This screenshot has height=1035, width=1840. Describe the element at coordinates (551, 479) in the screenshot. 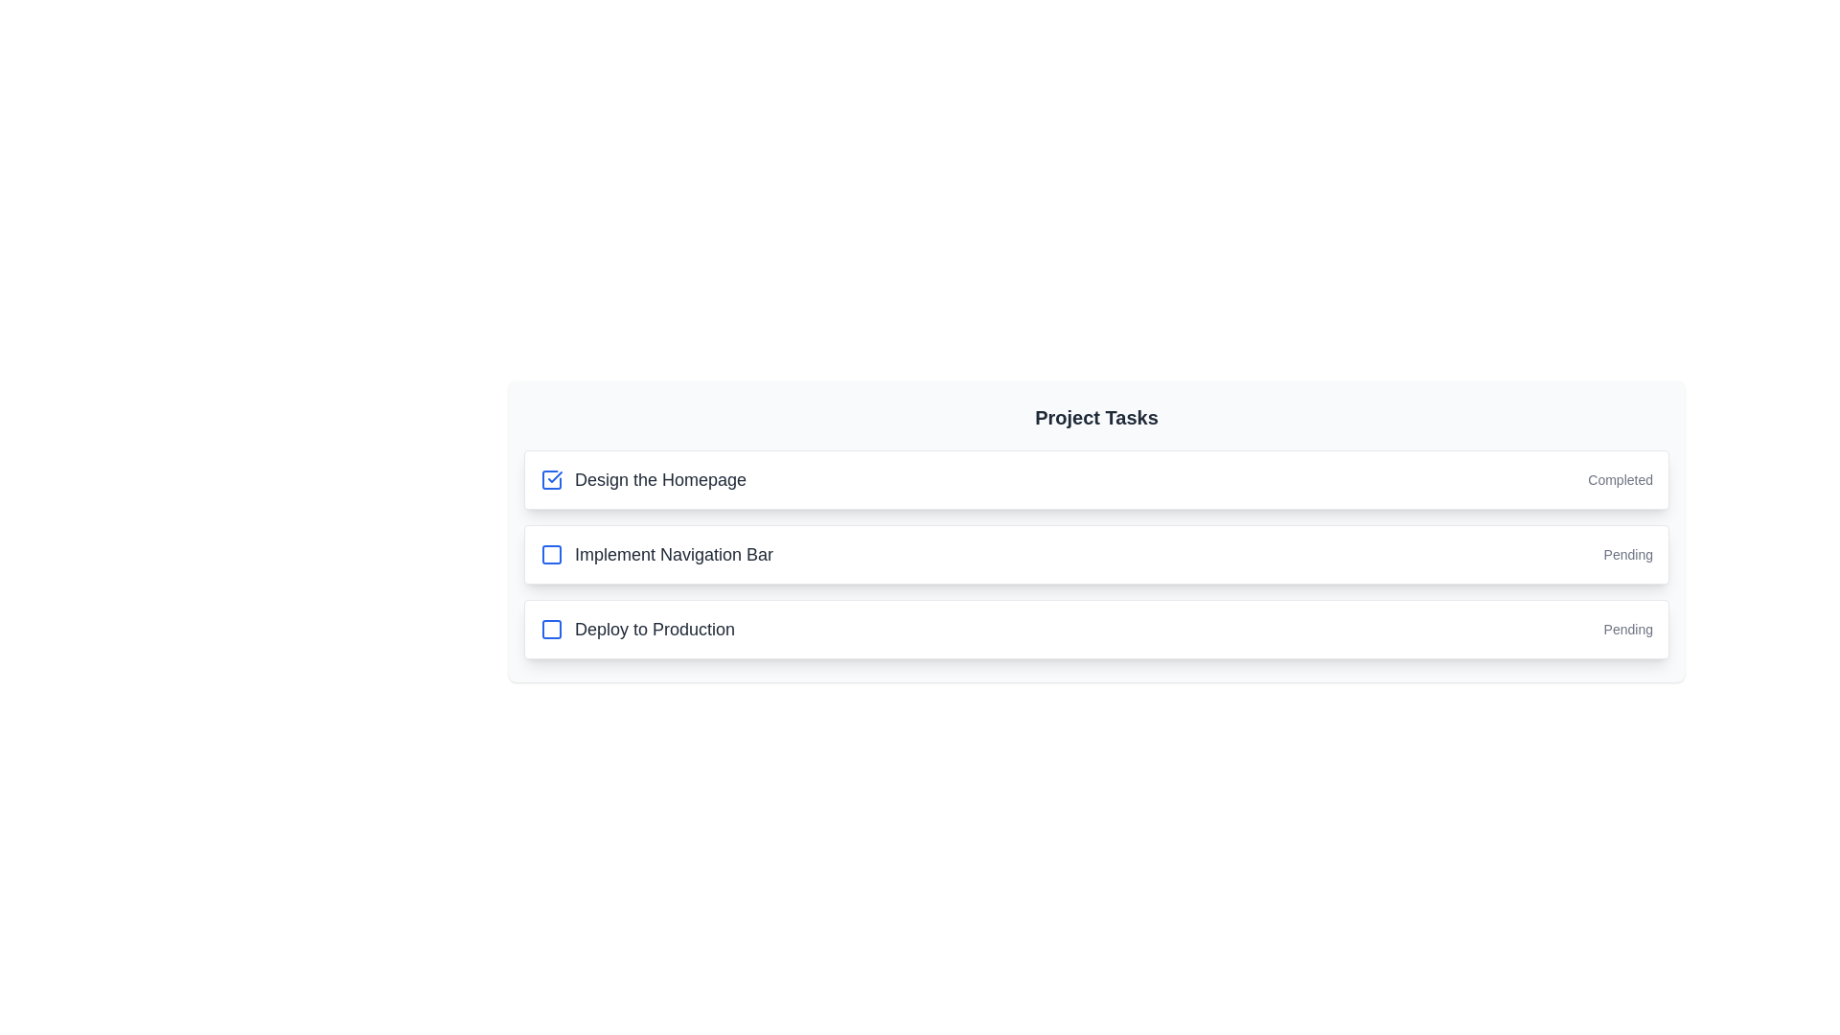

I see `the checkbox indicating the completion status of the 'Design the Homepage' task` at that location.